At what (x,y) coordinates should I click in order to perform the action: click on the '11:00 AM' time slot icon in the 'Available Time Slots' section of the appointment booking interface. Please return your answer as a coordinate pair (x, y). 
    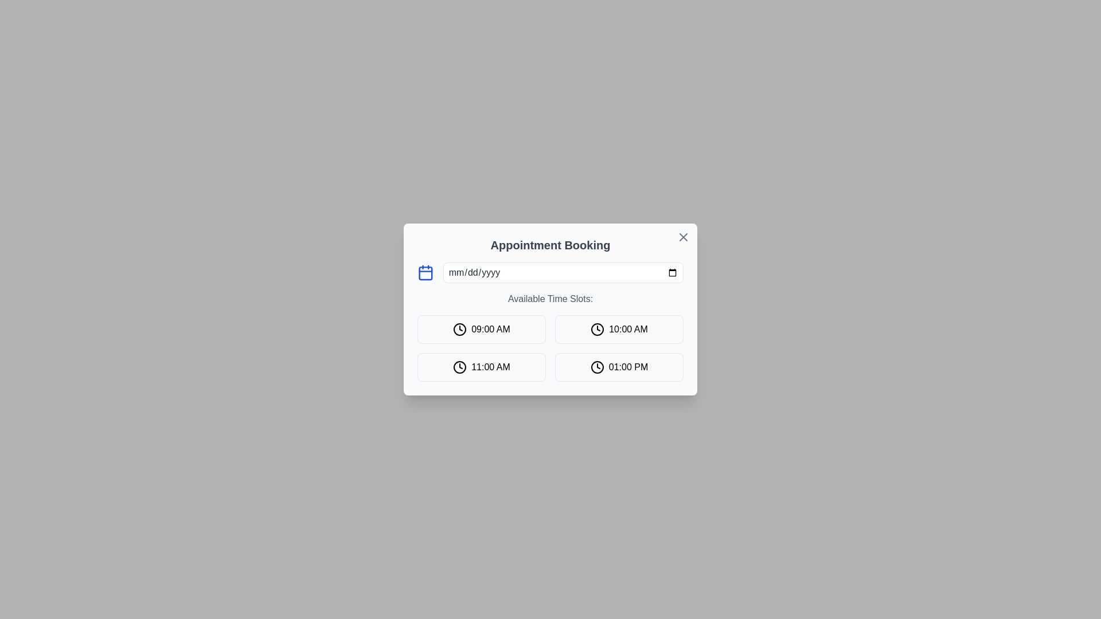
    Looking at the image, I should click on (460, 367).